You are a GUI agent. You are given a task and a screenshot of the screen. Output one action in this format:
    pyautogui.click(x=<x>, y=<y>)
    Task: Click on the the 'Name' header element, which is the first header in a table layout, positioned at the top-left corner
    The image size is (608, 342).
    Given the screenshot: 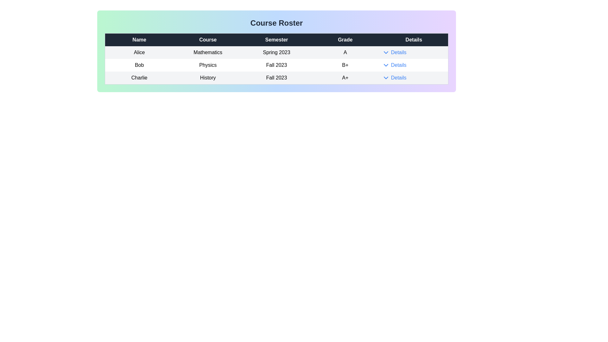 What is the action you would take?
    pyautogui.click(x=139, y=40)
    